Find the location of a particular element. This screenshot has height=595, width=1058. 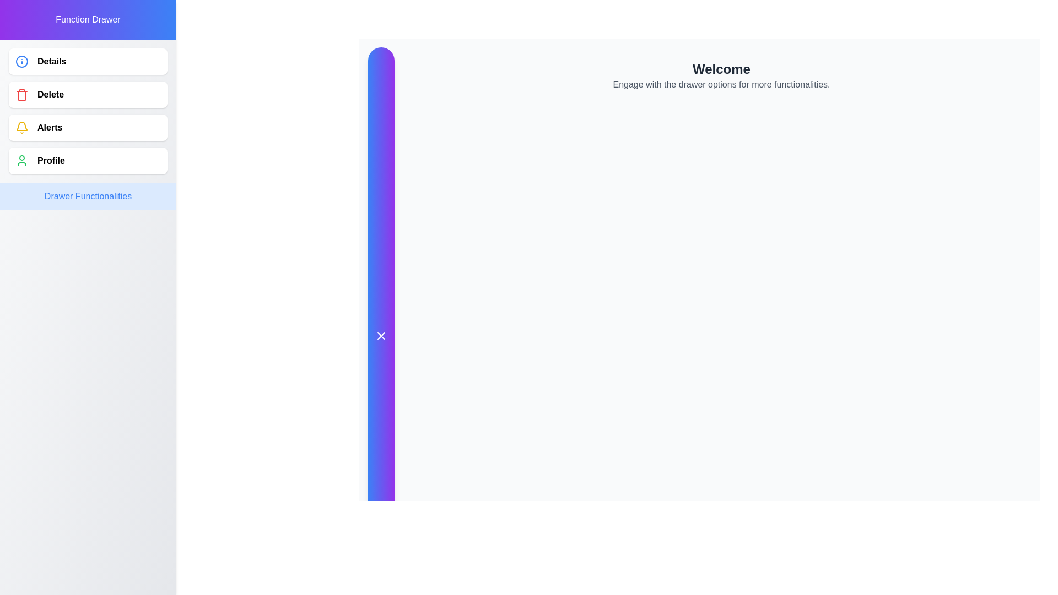

the 'Alerts' text label which is displayed in black sans-serif font, positioned below the 'Delete' option and above the 'Profile' option in the sidebar menu is located at coordinates (49, 127).